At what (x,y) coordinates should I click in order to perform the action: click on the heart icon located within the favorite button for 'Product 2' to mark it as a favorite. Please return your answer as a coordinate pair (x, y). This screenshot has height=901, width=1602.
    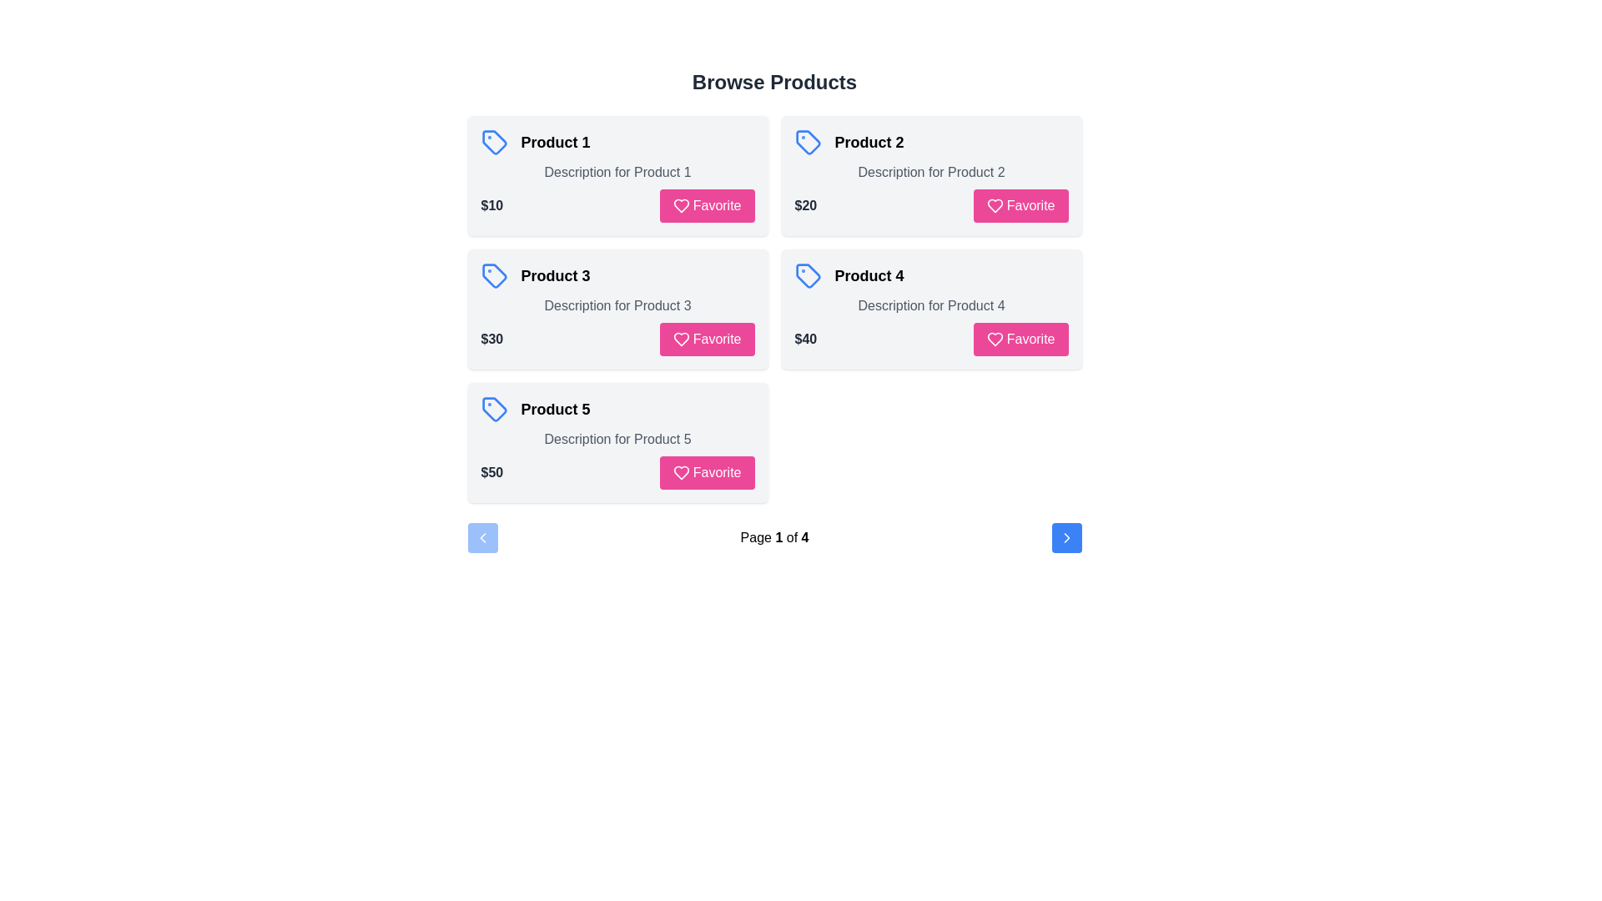
    Looking at the image, I should click on (995, 204).